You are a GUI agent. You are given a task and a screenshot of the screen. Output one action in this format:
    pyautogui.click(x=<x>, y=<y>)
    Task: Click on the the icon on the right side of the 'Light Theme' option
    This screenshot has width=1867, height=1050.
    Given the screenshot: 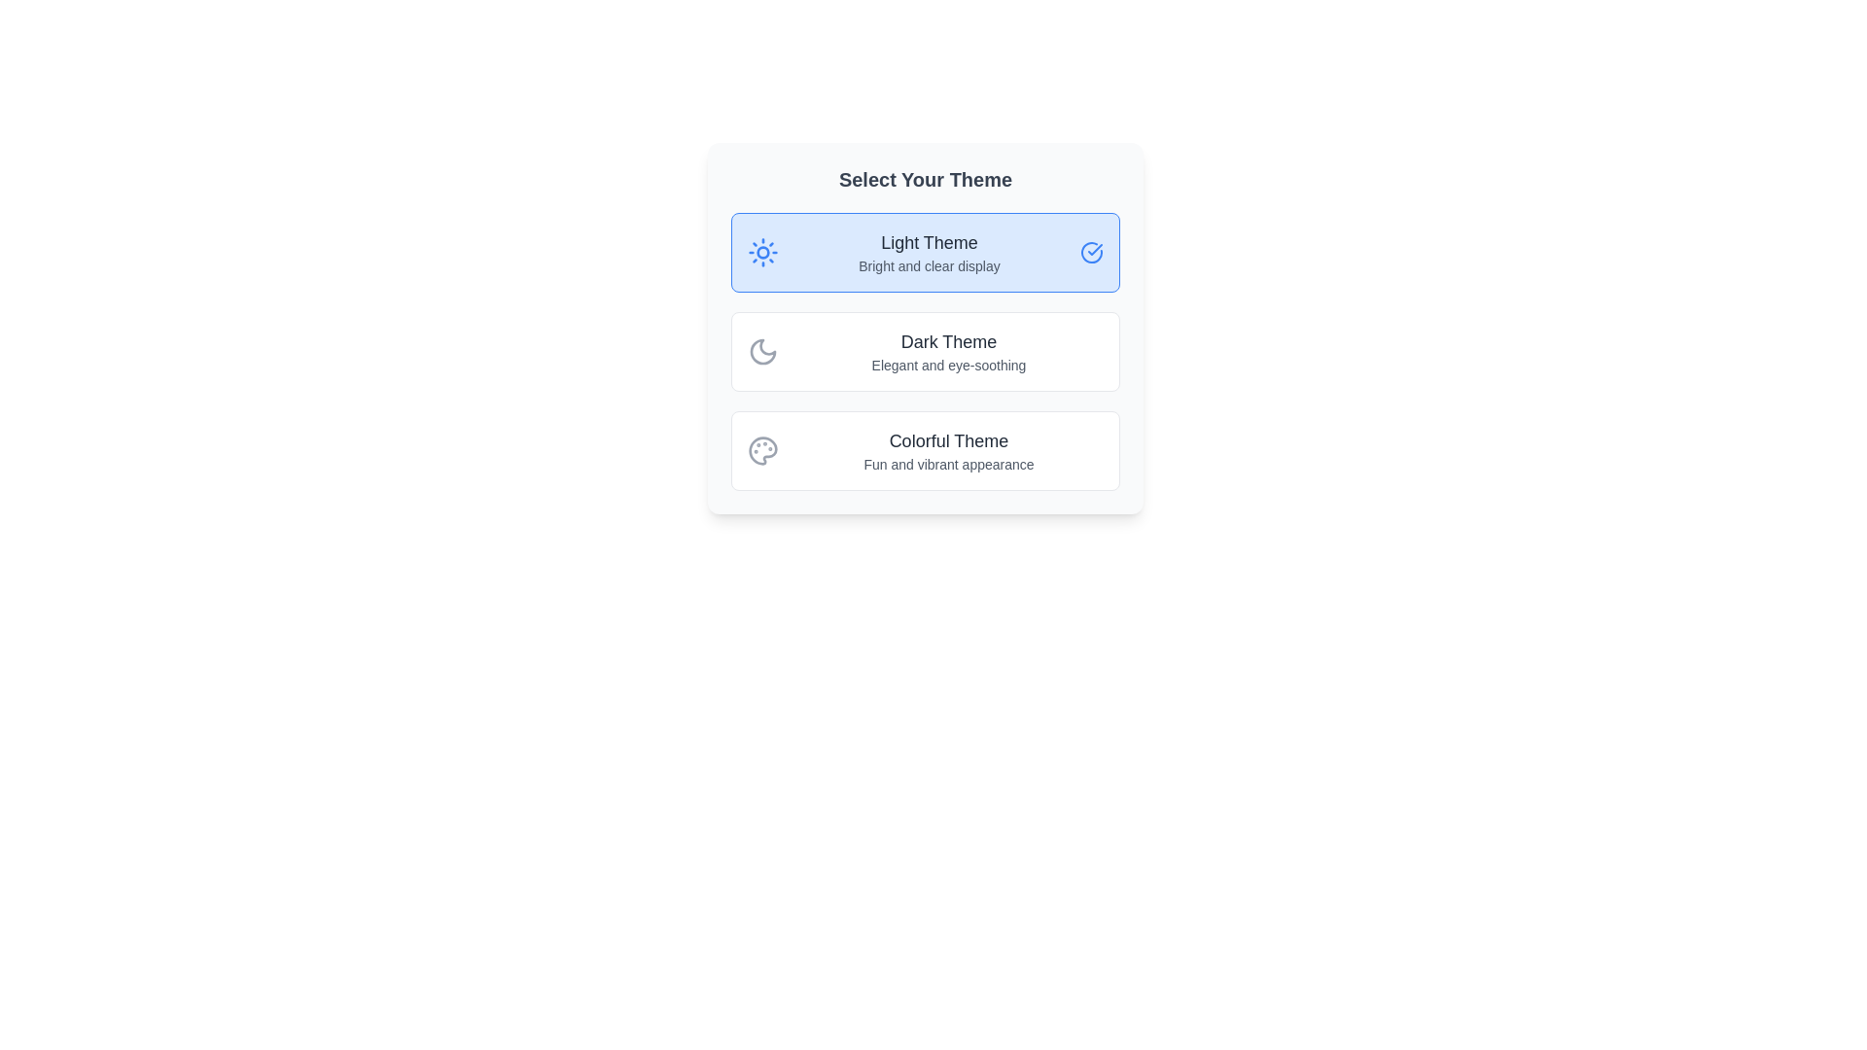 What is the action you would take?
    pyautogui.click(x=1092, y=251)
    